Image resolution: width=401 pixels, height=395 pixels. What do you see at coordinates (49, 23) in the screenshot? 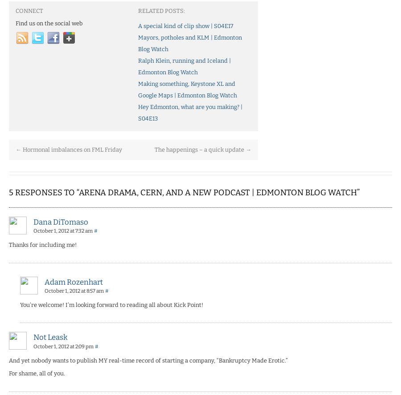
I see `'Find us on the social web'` at bounding box center [49, 23].